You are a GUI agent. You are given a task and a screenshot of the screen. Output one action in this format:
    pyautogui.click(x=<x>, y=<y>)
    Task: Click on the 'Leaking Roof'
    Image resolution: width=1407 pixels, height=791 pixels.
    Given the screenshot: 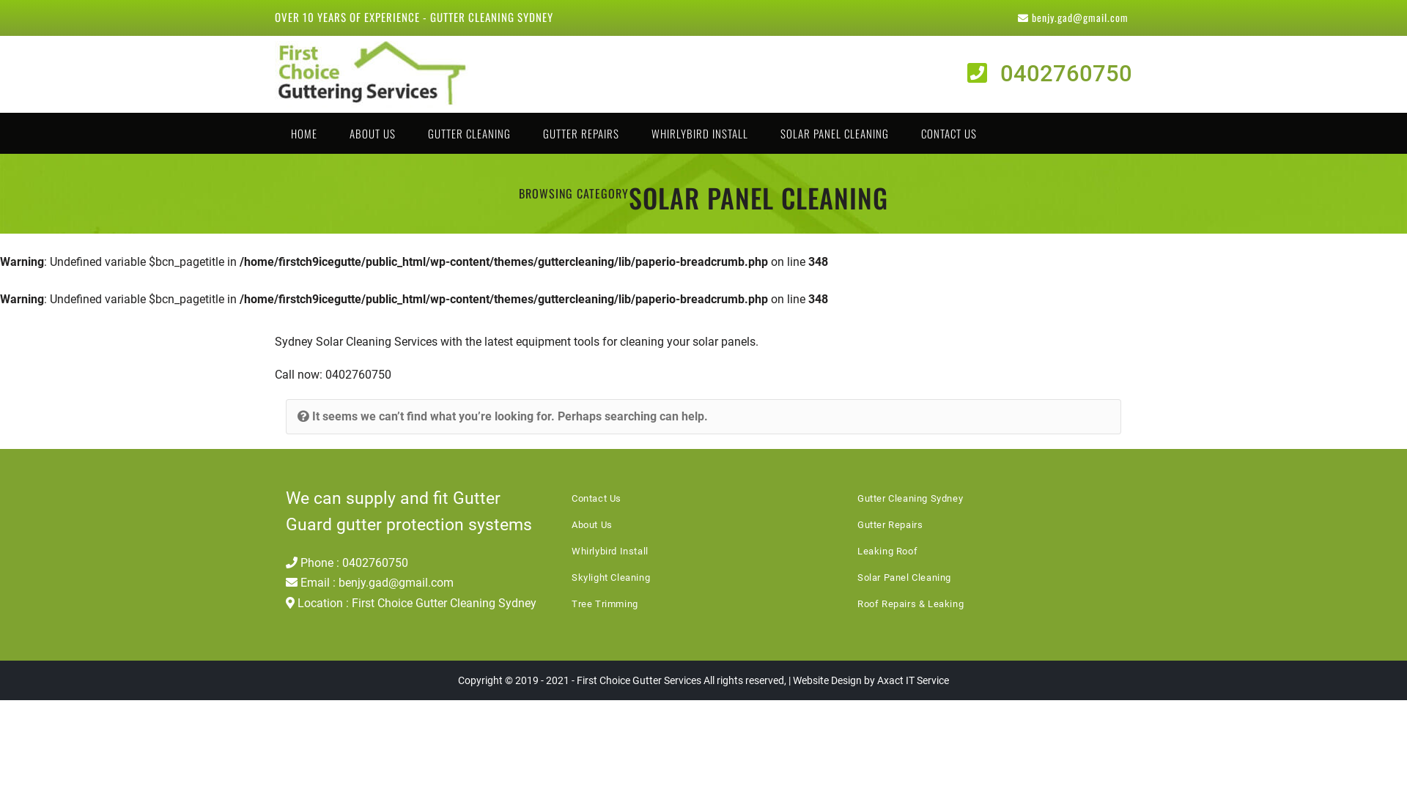 What is the action you would take?
    pyautogui.click(x=857, y=551)
    